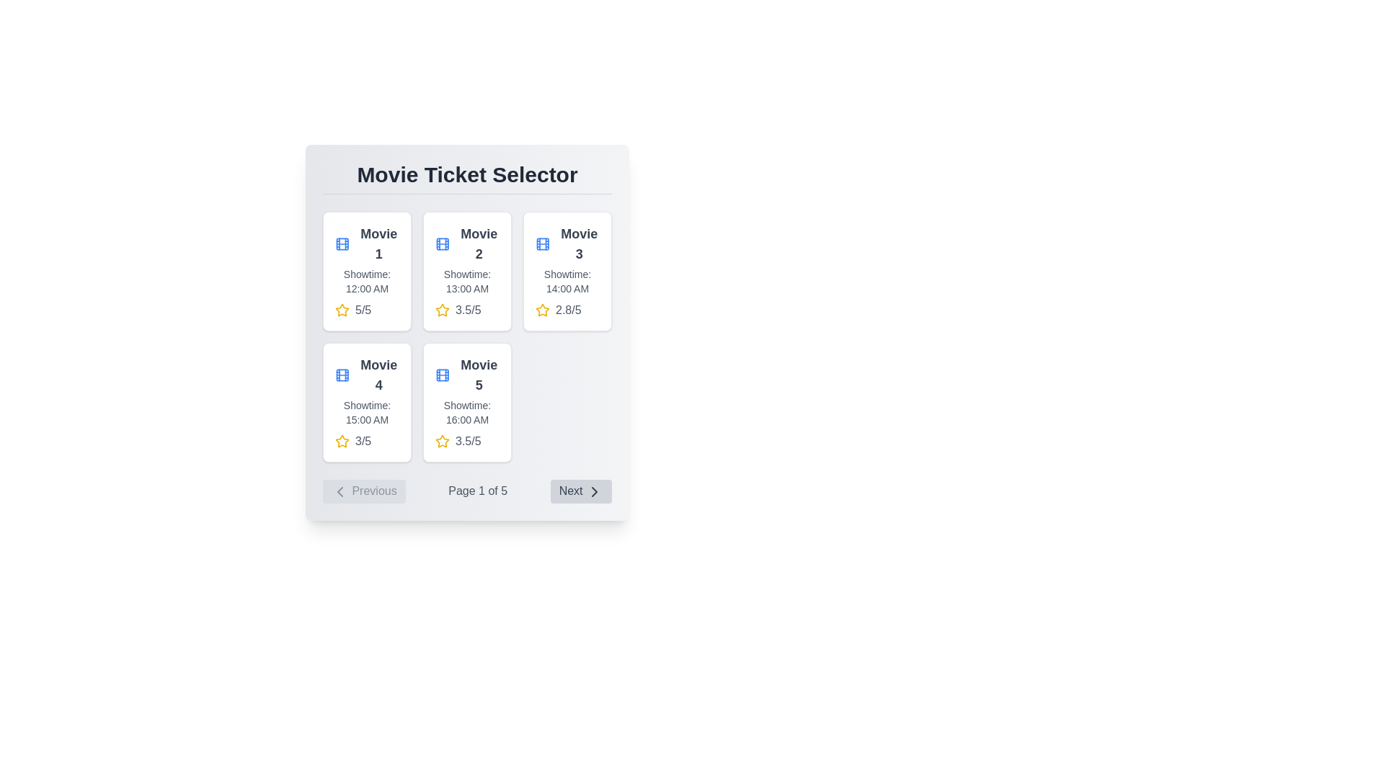  What do you see at coordinates (467, 332) in the screenshot?
I see `the second Information Card in the Movie Ticket Selector section, which displays movie options including the name, showtime, and user rating` at bounding box center [467, 332].